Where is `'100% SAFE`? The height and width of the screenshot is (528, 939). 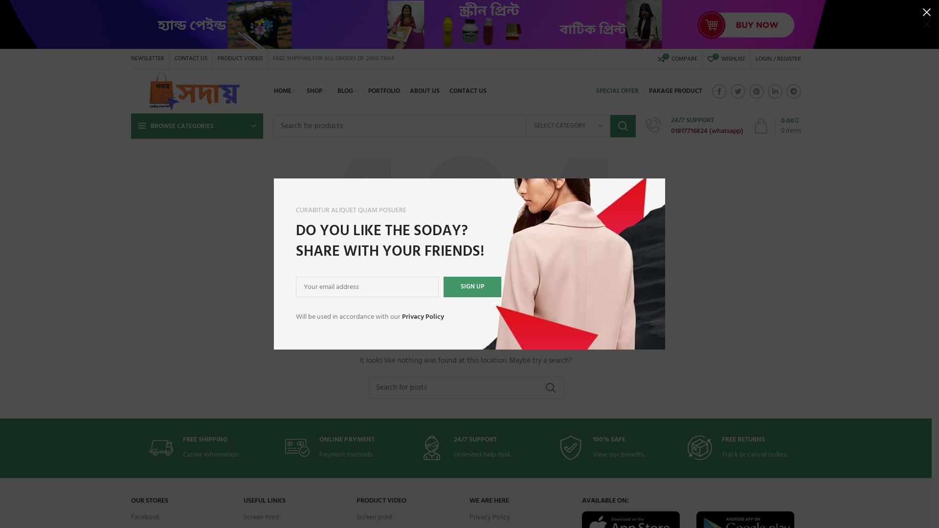 '100% SAFE is located at coordinates (601, 448).